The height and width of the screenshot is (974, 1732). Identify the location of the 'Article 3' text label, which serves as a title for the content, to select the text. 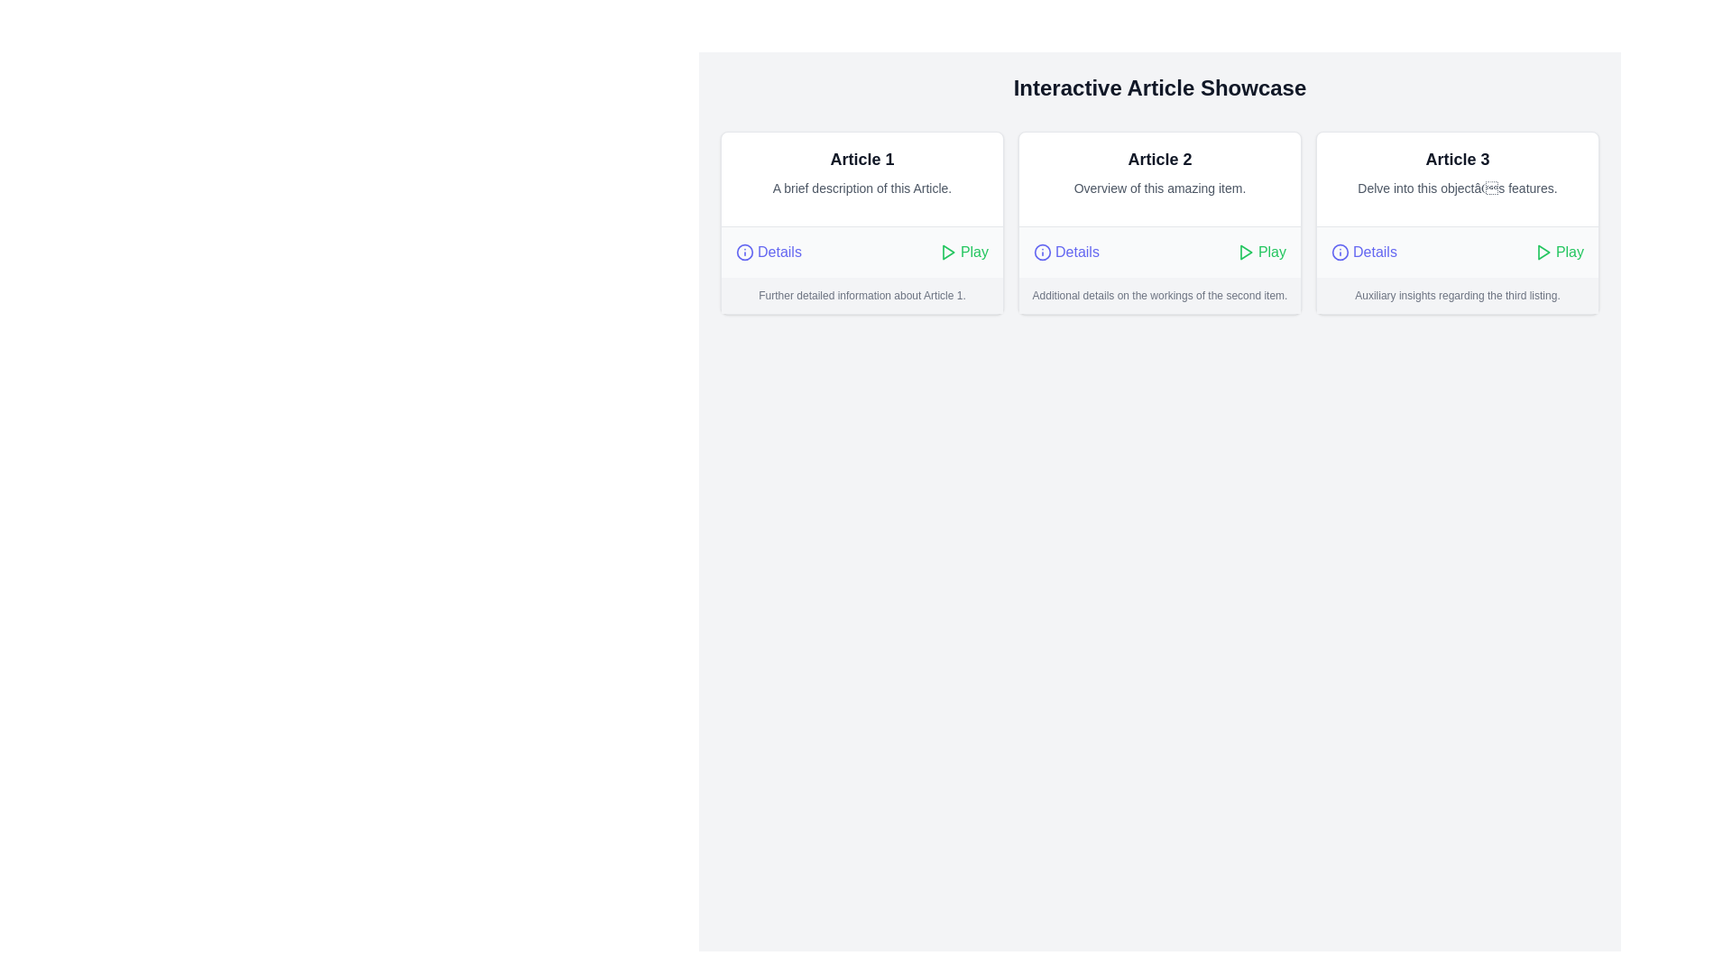
(1458, 159).